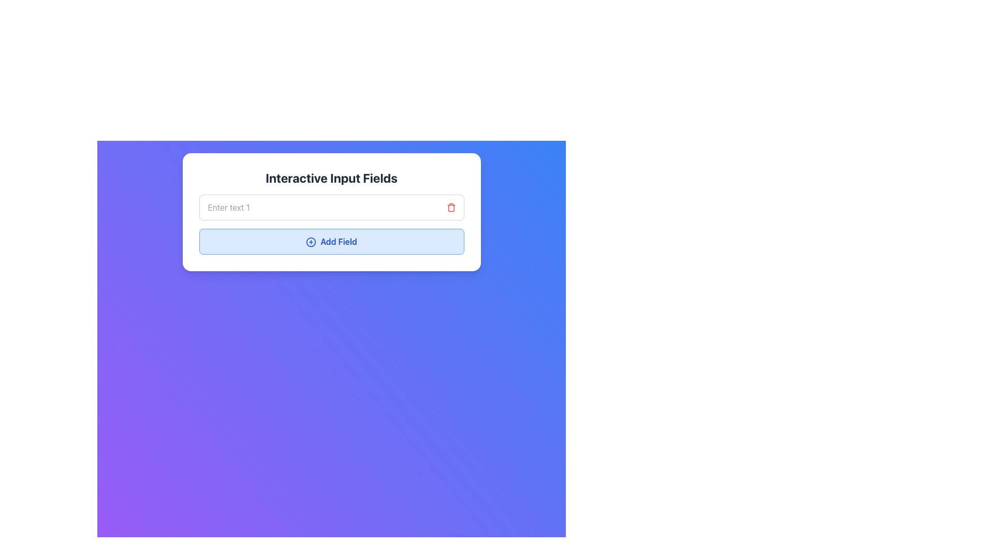 This screenshot has height=559, width=994. Describe the element at coordinates (311, 242) in the screenshot. I see `the circular icon with a plus symbol located to the left of the 'Add Field' button to interact with its functionality` at that location.